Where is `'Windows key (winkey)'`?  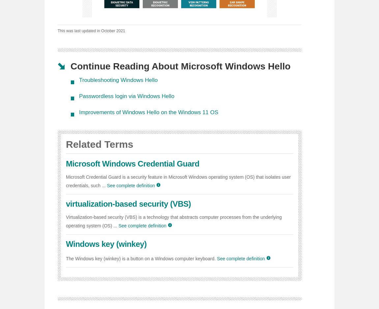 'Windows key (winkey)' is located at coordinates (65, 244).